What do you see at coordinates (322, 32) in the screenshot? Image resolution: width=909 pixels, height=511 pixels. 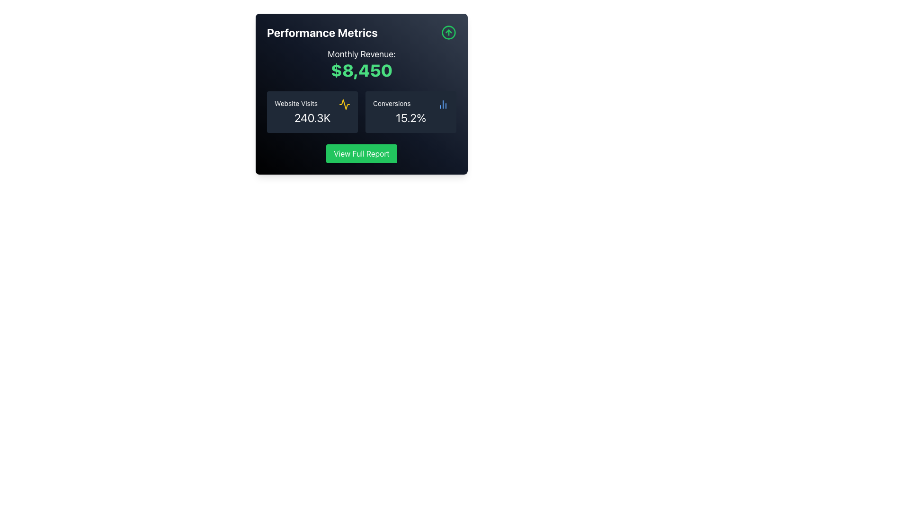 I see `text label that serves as the title or header of the card, positioned at the top-left corner and aligned with an icon to the right` at bounding box center [322, 32].